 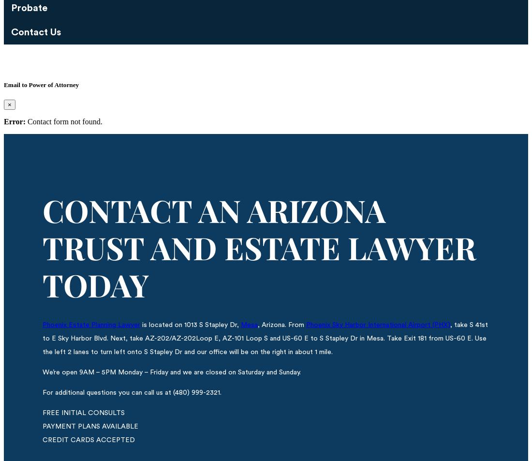 I want to click on 'PAYMENT PLANS AVAILABLE', so click(x=90, y=426).